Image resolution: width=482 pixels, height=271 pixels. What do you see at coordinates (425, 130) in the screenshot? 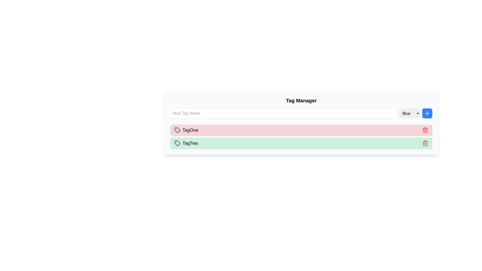
I see `the decorative element representing the trash bin icon at the end of the row labeled 'TagTwo', which indicates the delete functionality` at bounding box center [425, 130].